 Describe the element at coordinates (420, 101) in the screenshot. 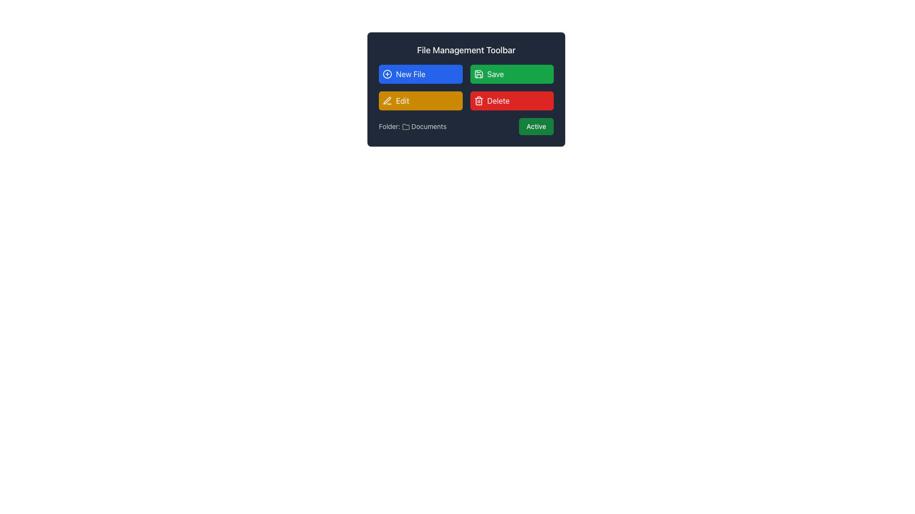

I see `the 'Edit' button located in the second row and first column of the grid layout` at that location.